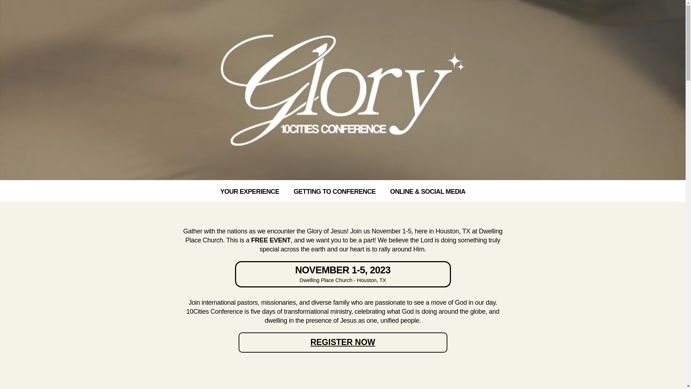 Image resolution: width=691 pixels, height=389 pixels. What do you see at coordinates (334, 188) in the screenshot?
I see `'GETTING TO CONFERENCE'` at bounding box center [334, 188].